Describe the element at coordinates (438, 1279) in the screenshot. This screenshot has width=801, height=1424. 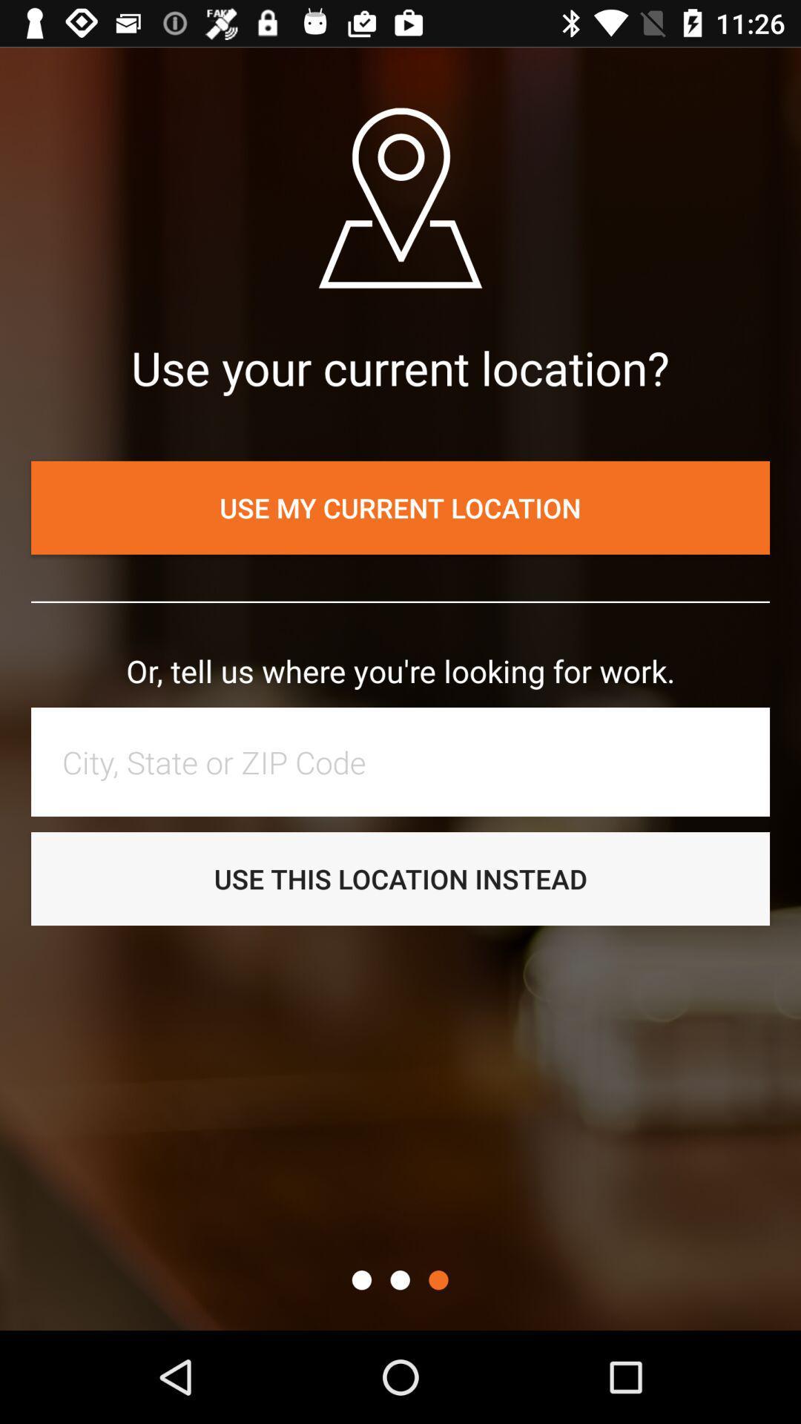
I see `further options` at that location.